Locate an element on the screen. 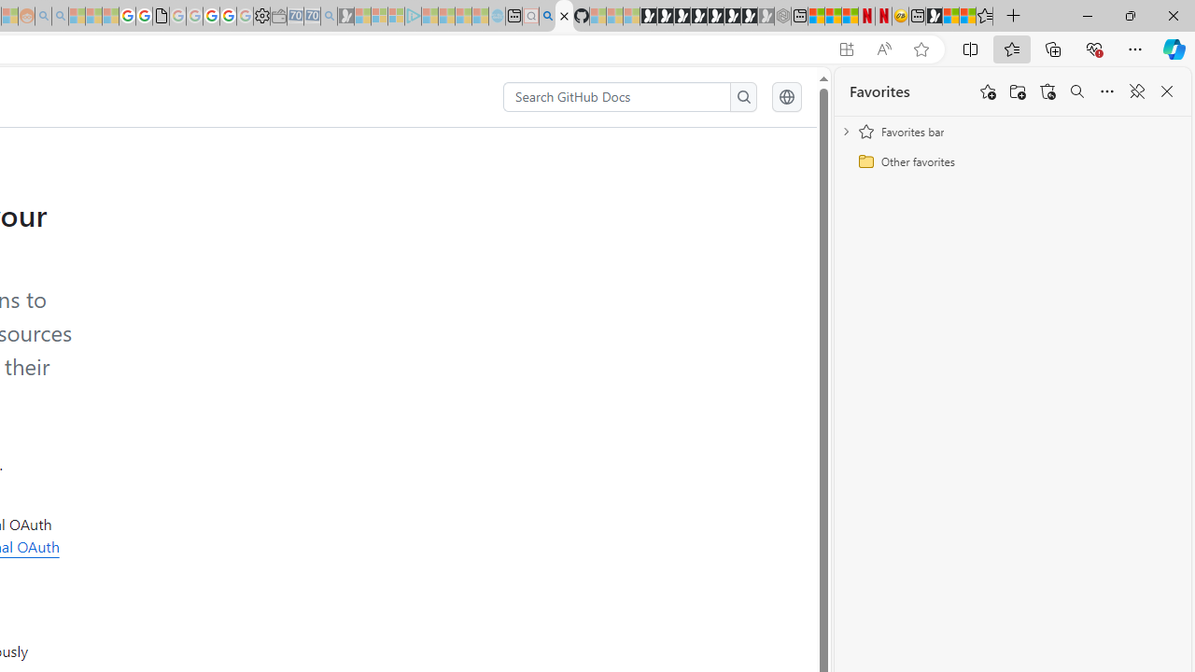  'Restore' is located at coordinates (1129, 15).